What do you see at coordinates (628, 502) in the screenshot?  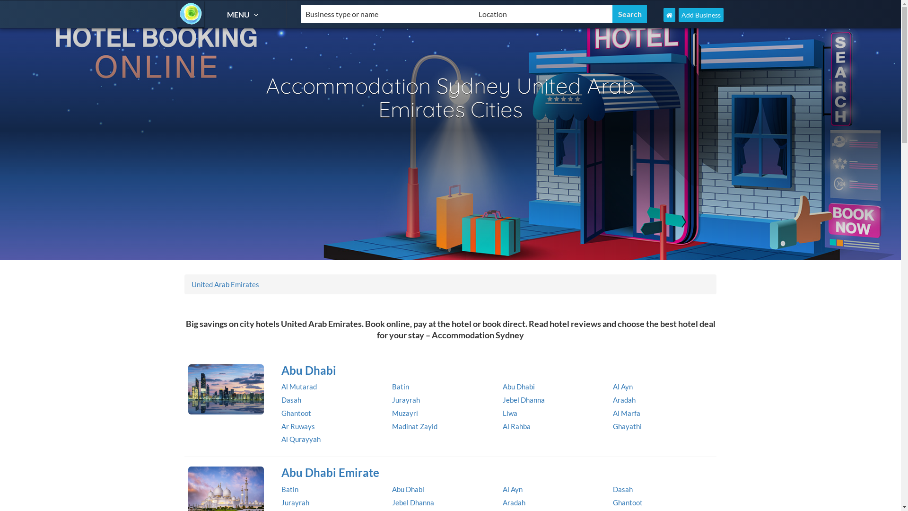 I see `'Ghantoot'` at bounding box center [628, 502].